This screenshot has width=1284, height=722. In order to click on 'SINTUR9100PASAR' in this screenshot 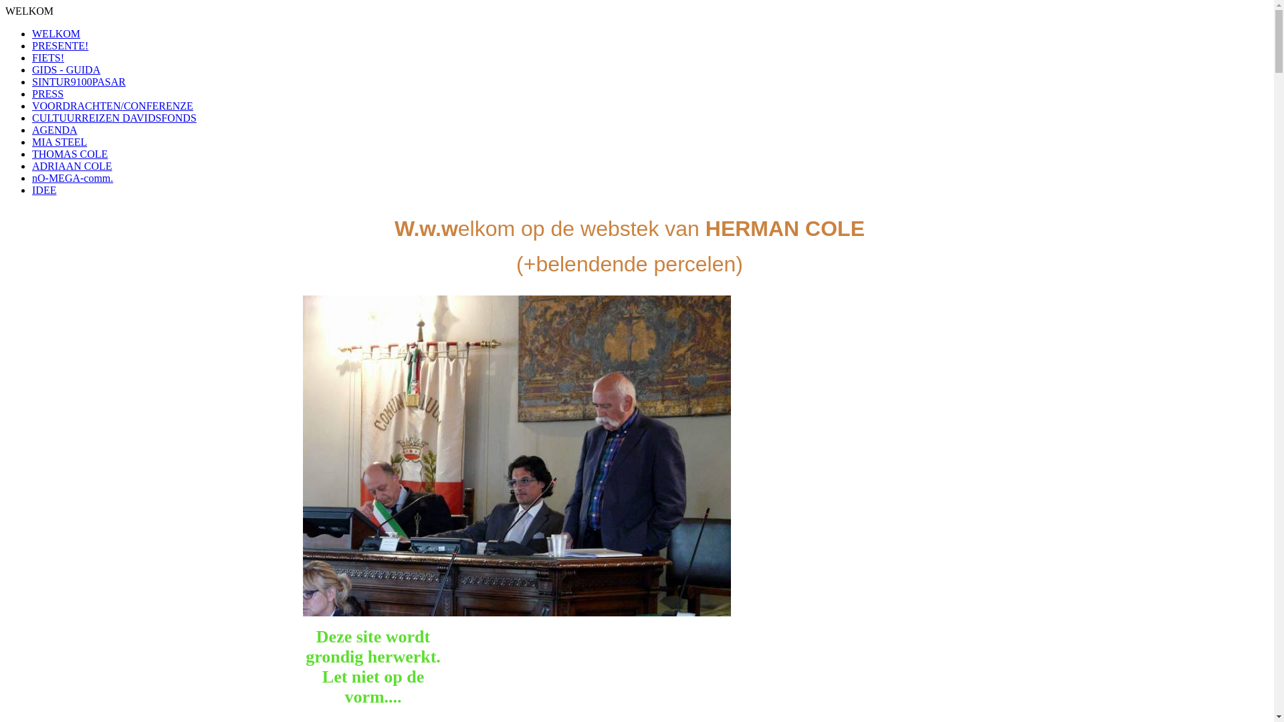, I will do `click(78, 82)`.